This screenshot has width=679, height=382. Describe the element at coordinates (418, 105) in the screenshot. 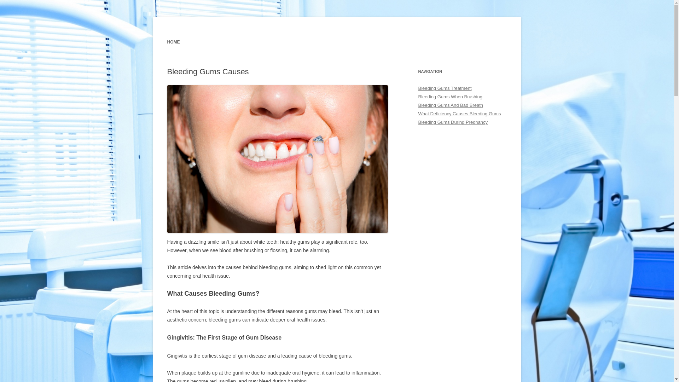

I see `'Bleeding Gums And Bad Breath'` at that location.